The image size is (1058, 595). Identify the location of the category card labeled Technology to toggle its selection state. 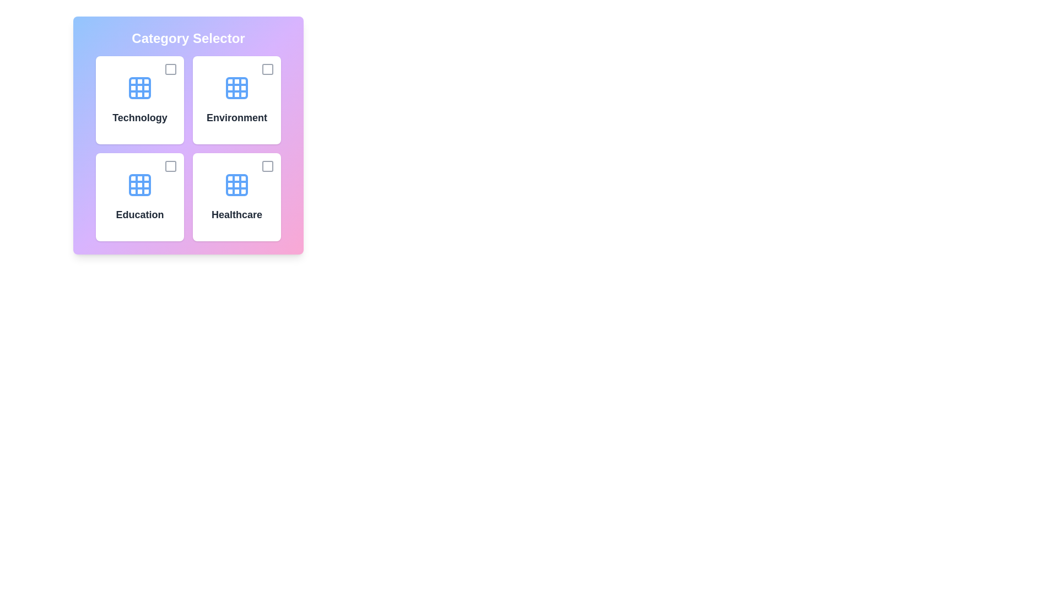
(139, 100).